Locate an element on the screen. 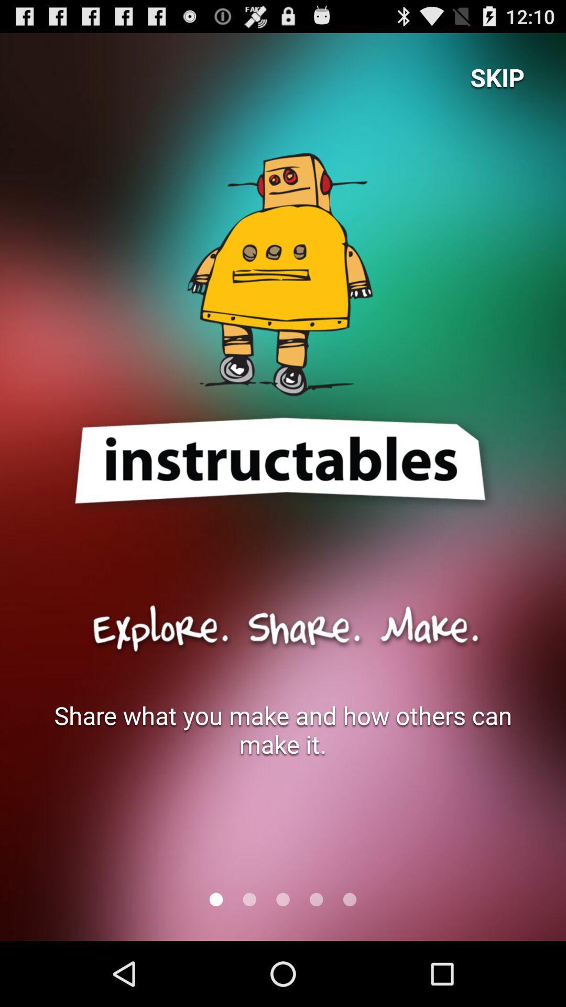 The width and height of the screenshot is (566, 1007). the skip icon is located at coordinates (497, 77).